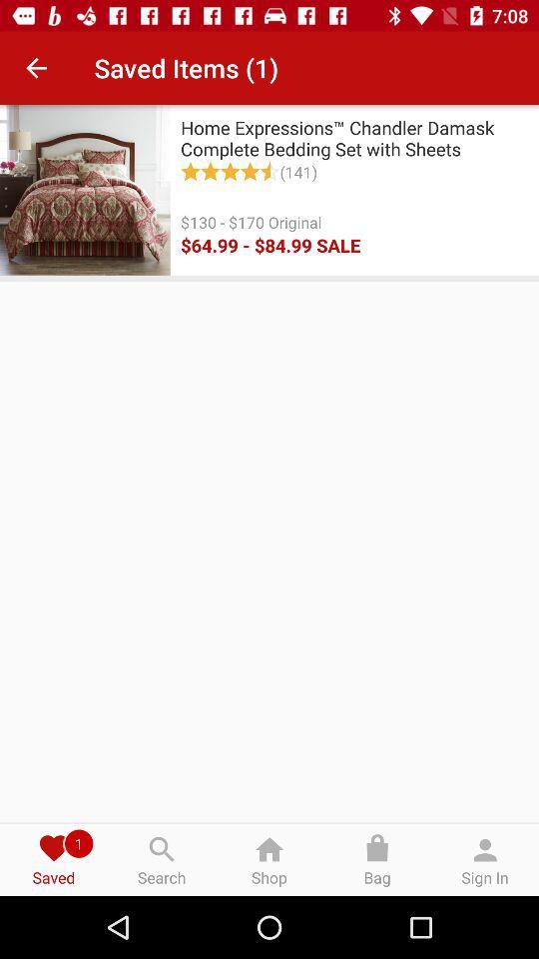 The height and width of the screenshot is (959, 539). Describe the element at coordinates (36, 68) in the screenshot. I see `the icon to the left of saved items (1) item` at that location.